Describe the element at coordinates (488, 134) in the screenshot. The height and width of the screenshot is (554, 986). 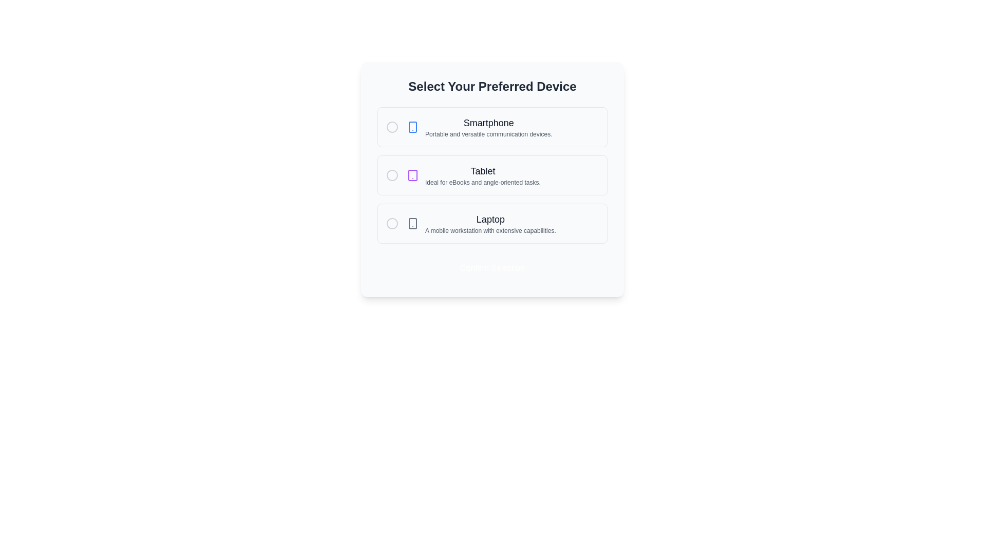
I see `text content of the Text Label that provides additional descriptive information about the 'Smartphone' option, positioned immediately below the 'Smartphone' label` at that location.